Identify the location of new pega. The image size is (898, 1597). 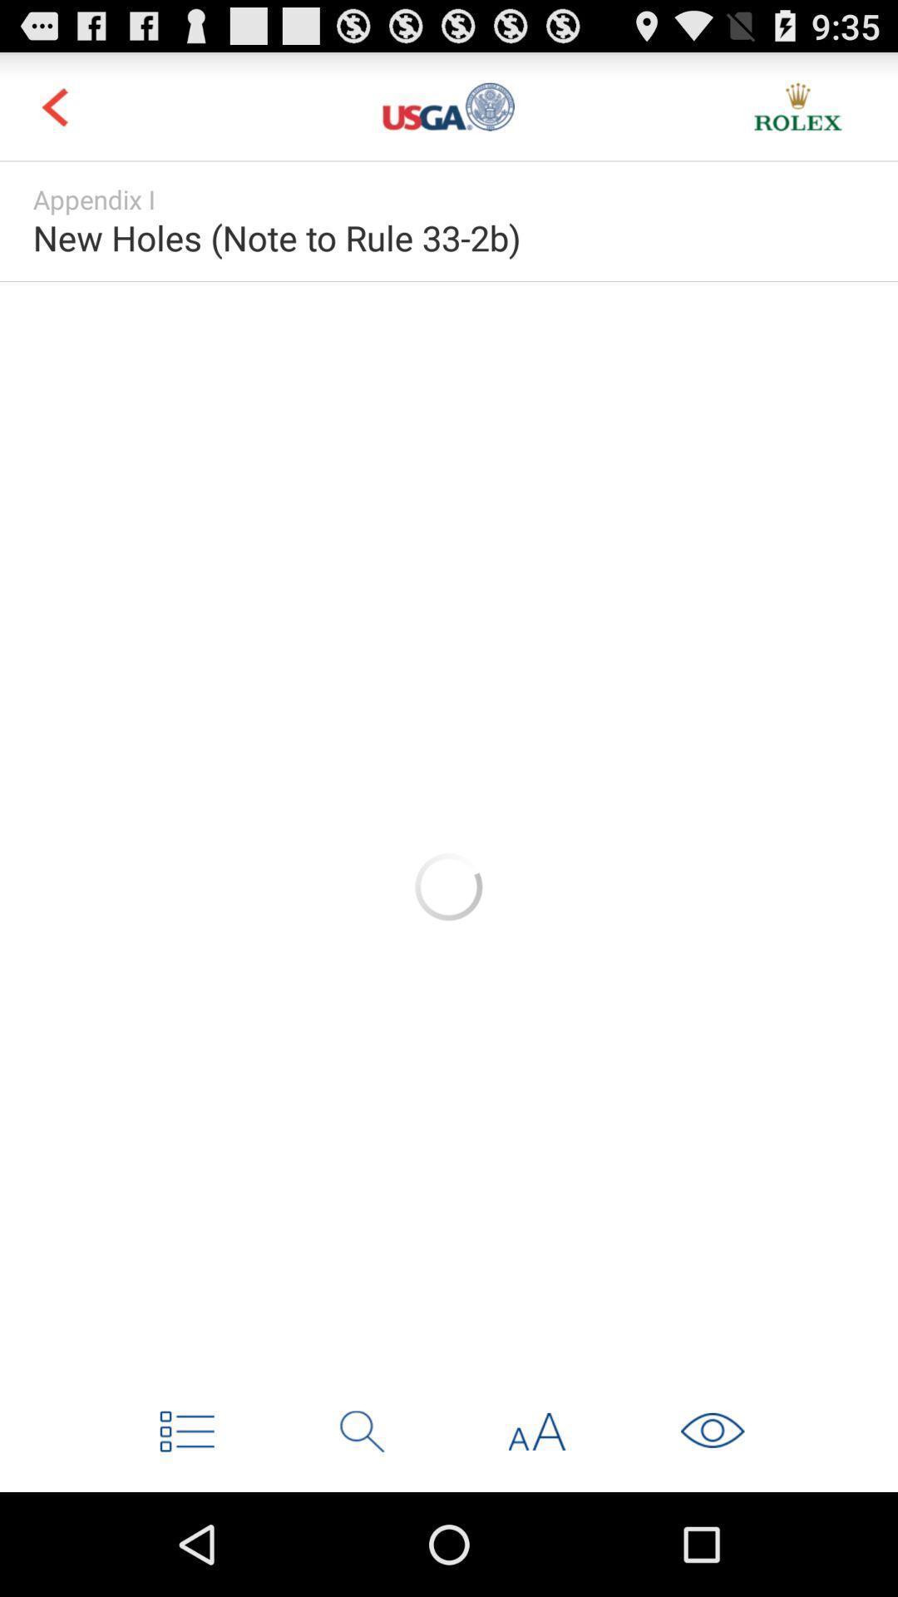
(797, 106).